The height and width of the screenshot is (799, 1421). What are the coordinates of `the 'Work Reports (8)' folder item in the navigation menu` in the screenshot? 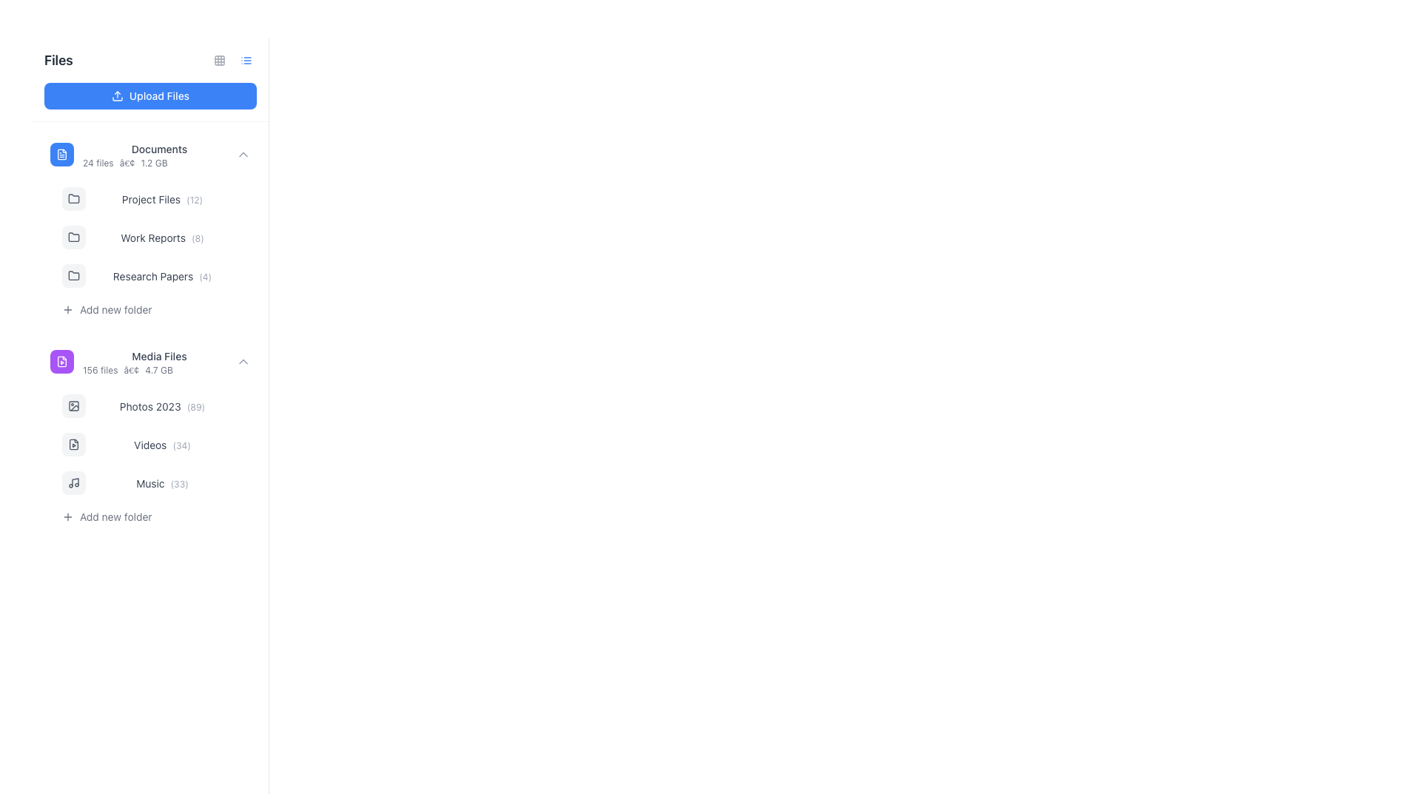 It's located at (150, 228).